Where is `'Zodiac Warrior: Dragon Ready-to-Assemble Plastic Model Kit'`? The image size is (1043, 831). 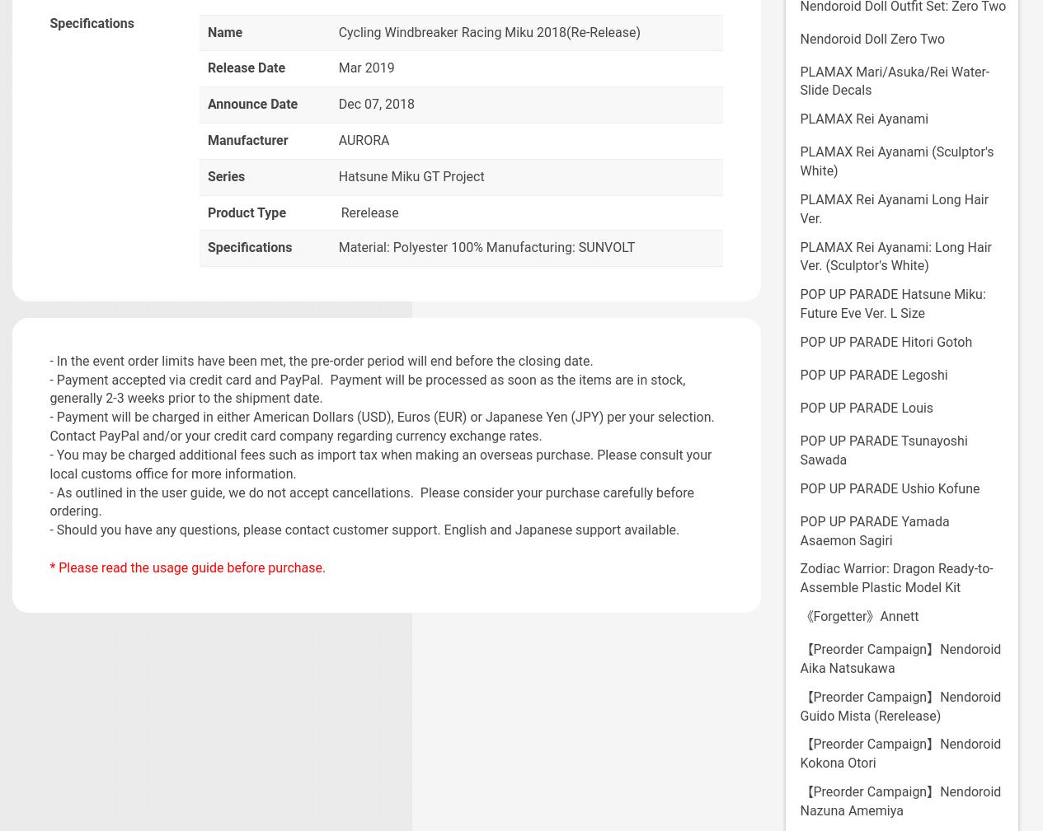 'Zodiac Warrior: Dragon Ready-to-Assemble Plastic Model Kit' is located at coordinates (800, 577).